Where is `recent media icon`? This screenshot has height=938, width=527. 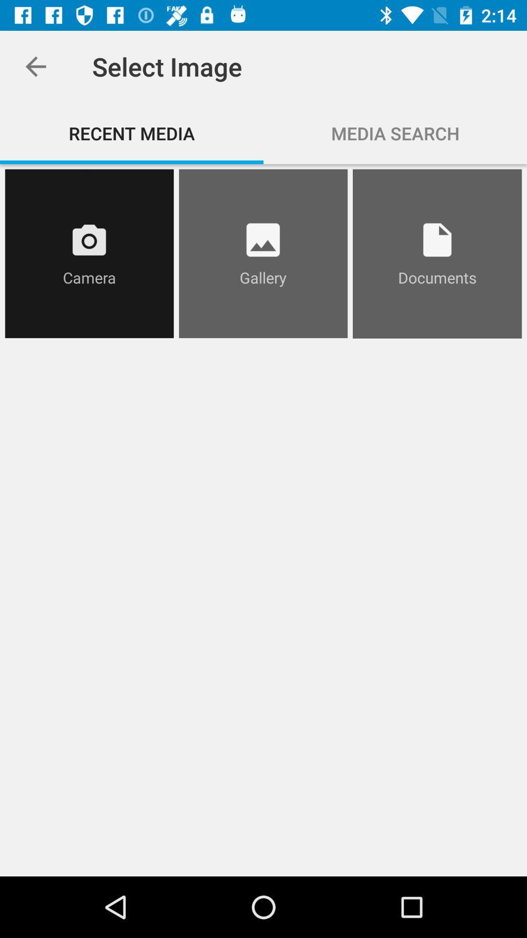 recent media icon is located at coordinates (132, 133).